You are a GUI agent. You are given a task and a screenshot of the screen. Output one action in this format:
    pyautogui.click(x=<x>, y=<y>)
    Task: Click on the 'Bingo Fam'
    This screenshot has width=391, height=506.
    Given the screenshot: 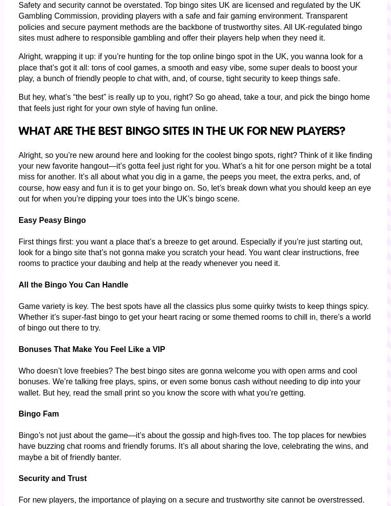 What is the action you would take?
    pyautogui.click(x=39, y=413)
    